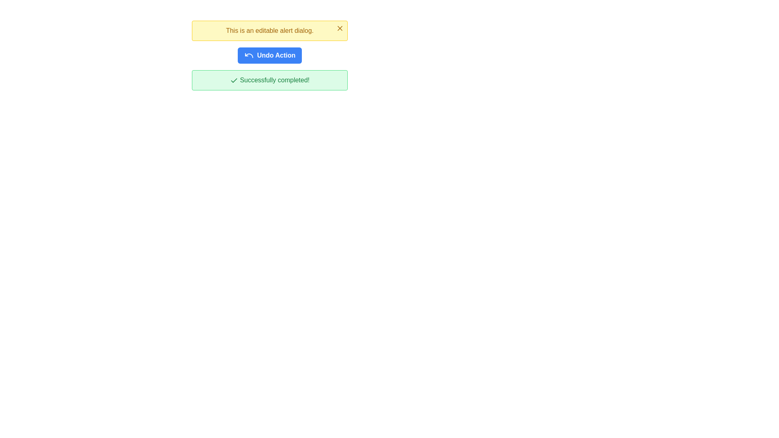 The height and width of the screenshot is (438, 779). I want to click on the green checkmark icon located to the left of the text 'Successfully completed!' within the green alert box at the bottom of the interface, so click(233, 80).